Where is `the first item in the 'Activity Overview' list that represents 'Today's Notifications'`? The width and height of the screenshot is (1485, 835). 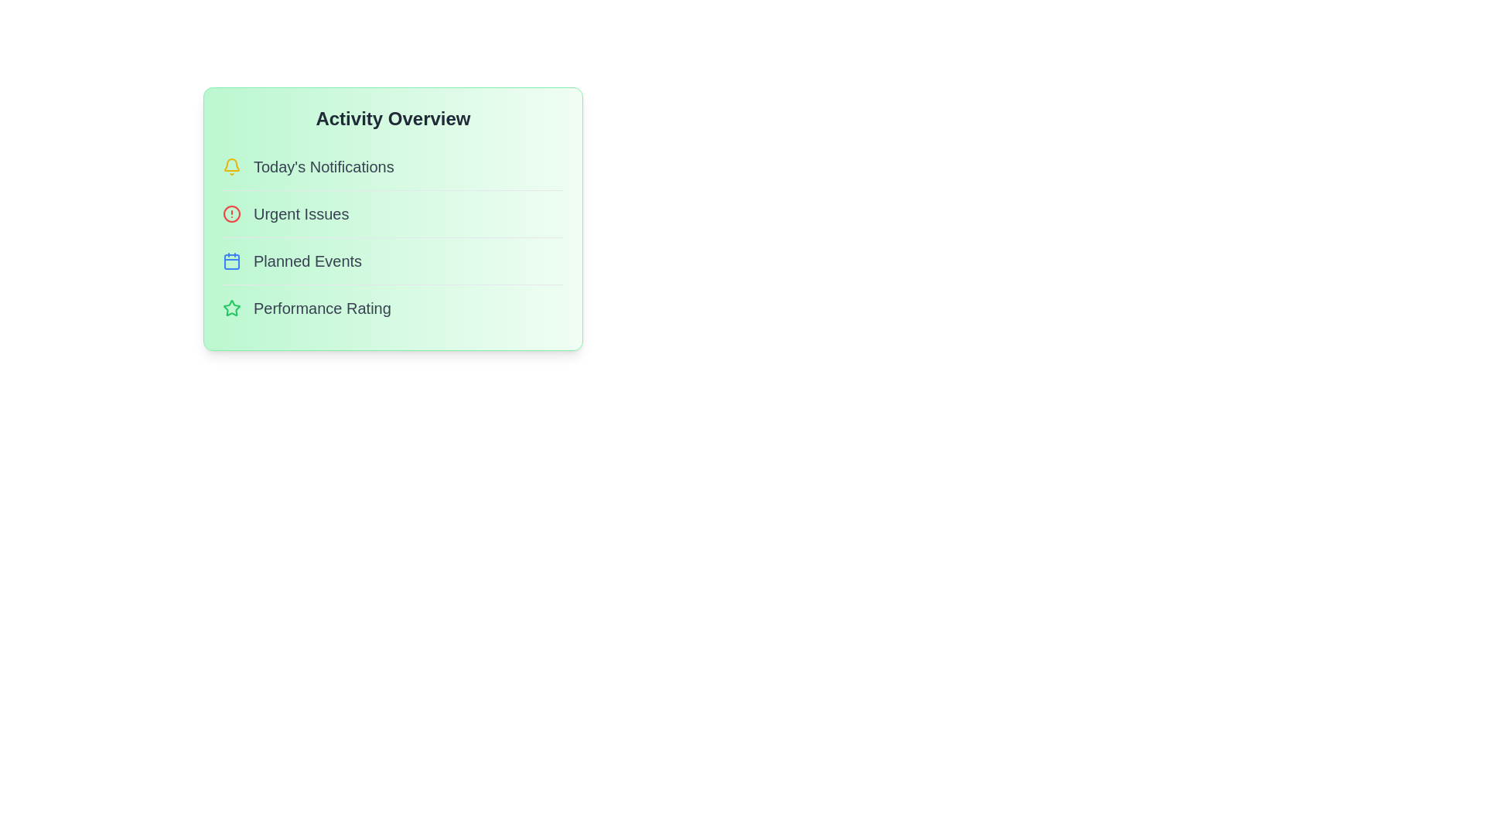
the first item in the 'Activity Overview' list that represents 'Today's Notifications' is located at coordinates (393, 167).